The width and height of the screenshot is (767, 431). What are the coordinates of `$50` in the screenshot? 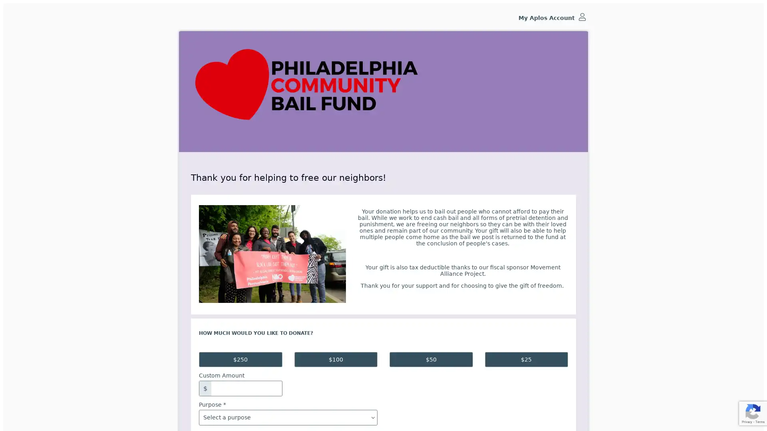 It's located at (431, 360).